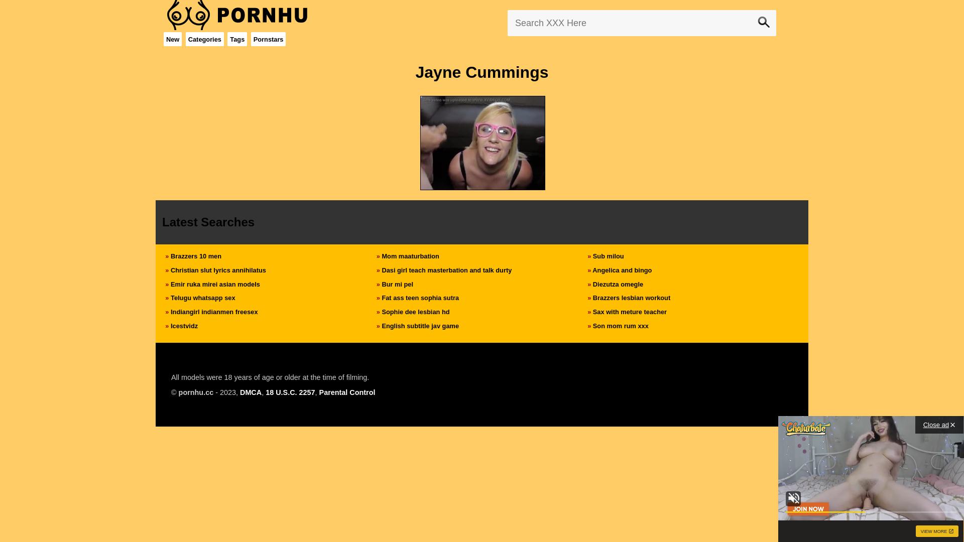  Describe the element at coordinates (202, 297) in the screenshot. I see `'Telugu whatsapp sex'` at that location.